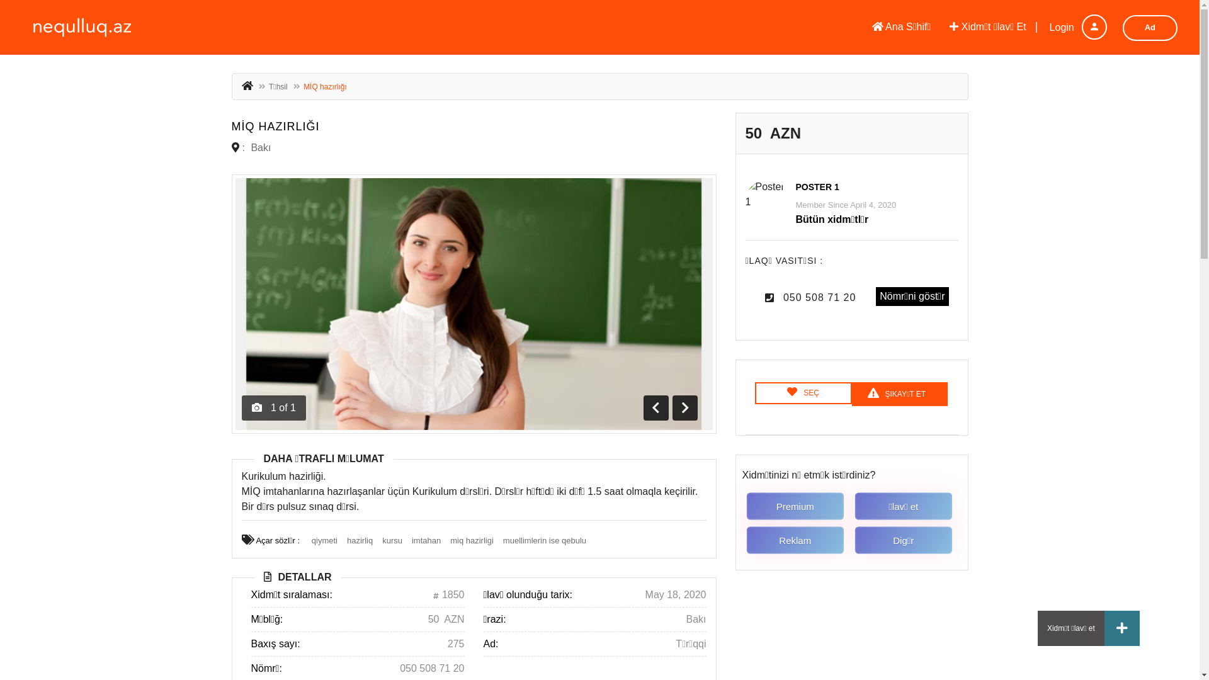  I want to click on 'Reklam', so click(797, 540).